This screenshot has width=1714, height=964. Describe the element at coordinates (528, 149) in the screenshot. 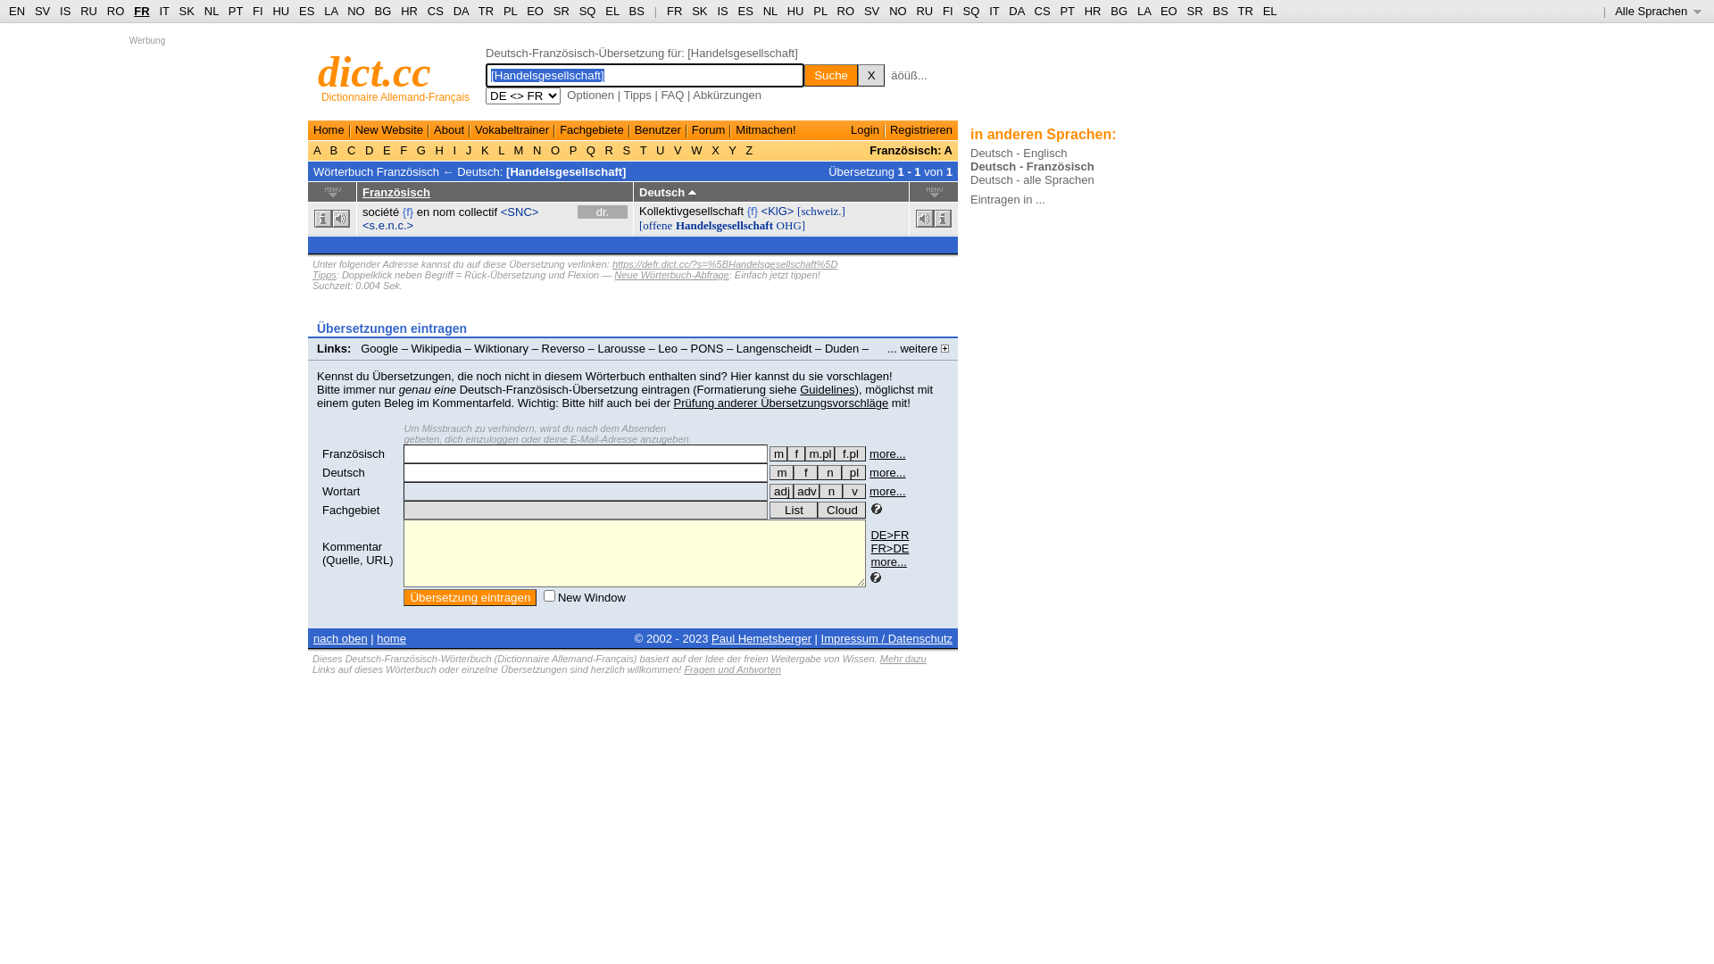

I see `'N'` at that location.